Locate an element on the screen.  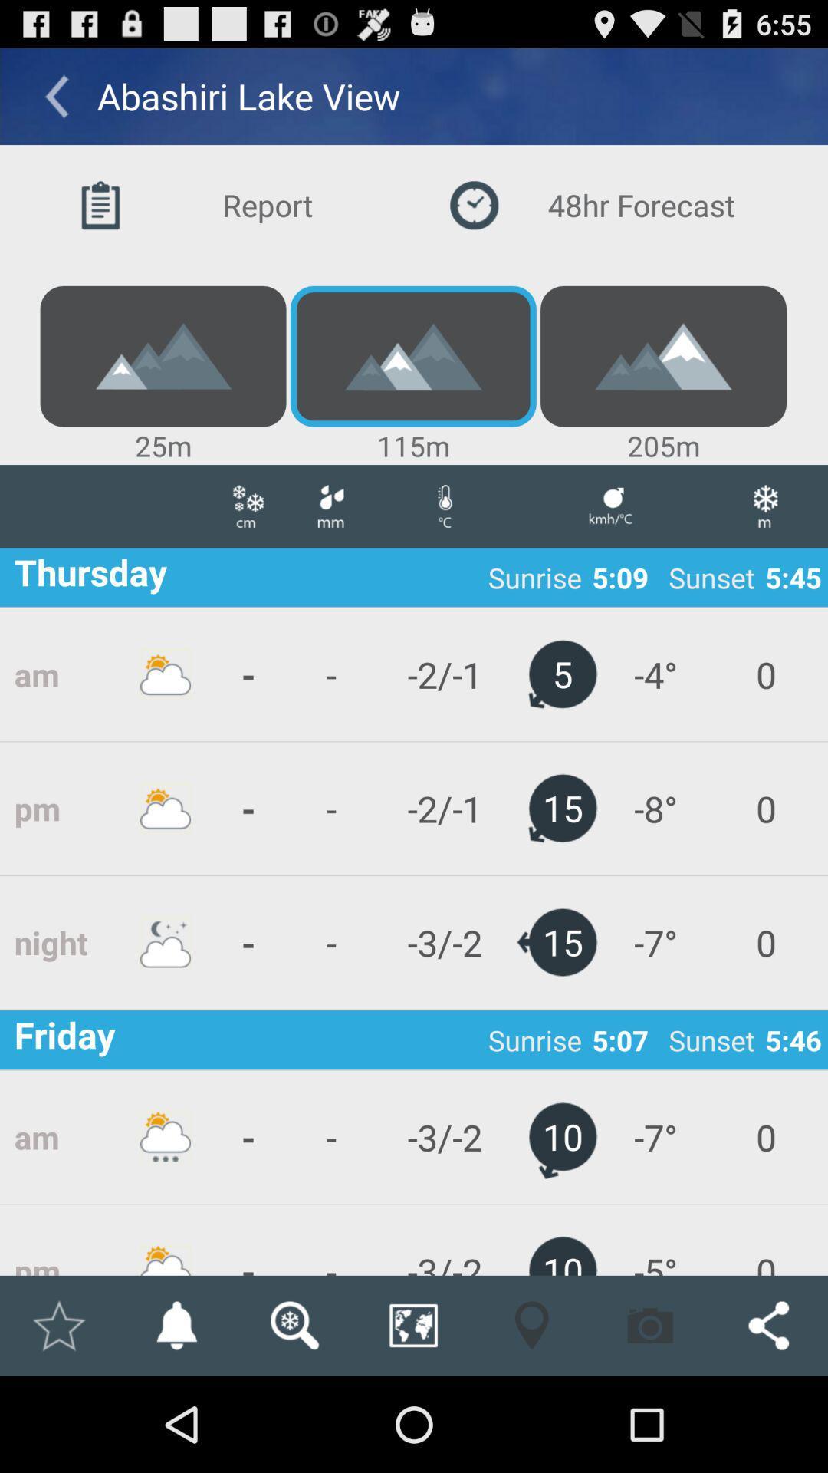
the item below the - icon is located at coordinates (412, 1325).